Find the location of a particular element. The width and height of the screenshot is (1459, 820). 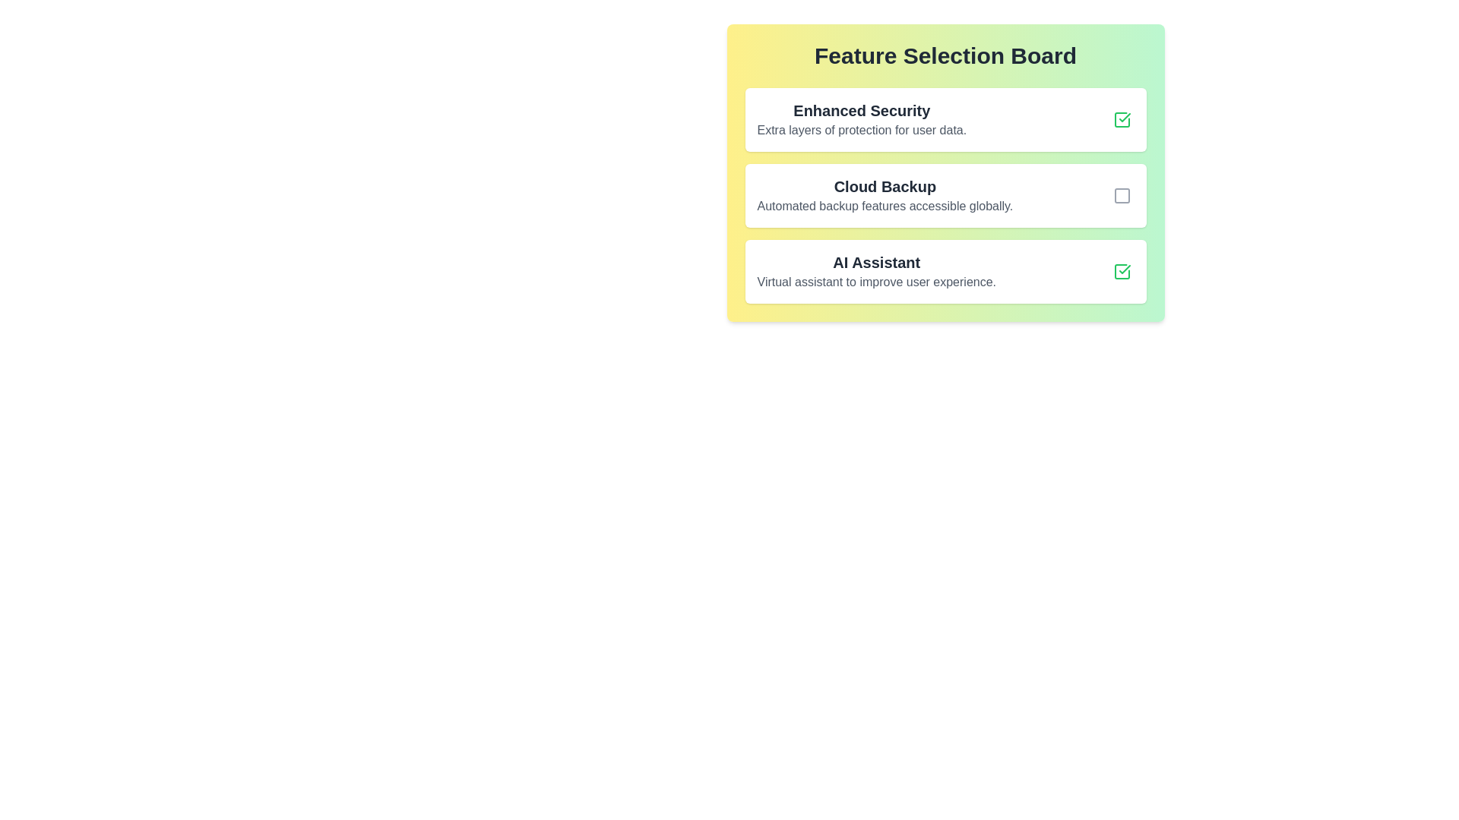

the checkbox with a green checkmark indicating selection, located beside the text 'AI Assistant' is located at coordinates (1122, 271).